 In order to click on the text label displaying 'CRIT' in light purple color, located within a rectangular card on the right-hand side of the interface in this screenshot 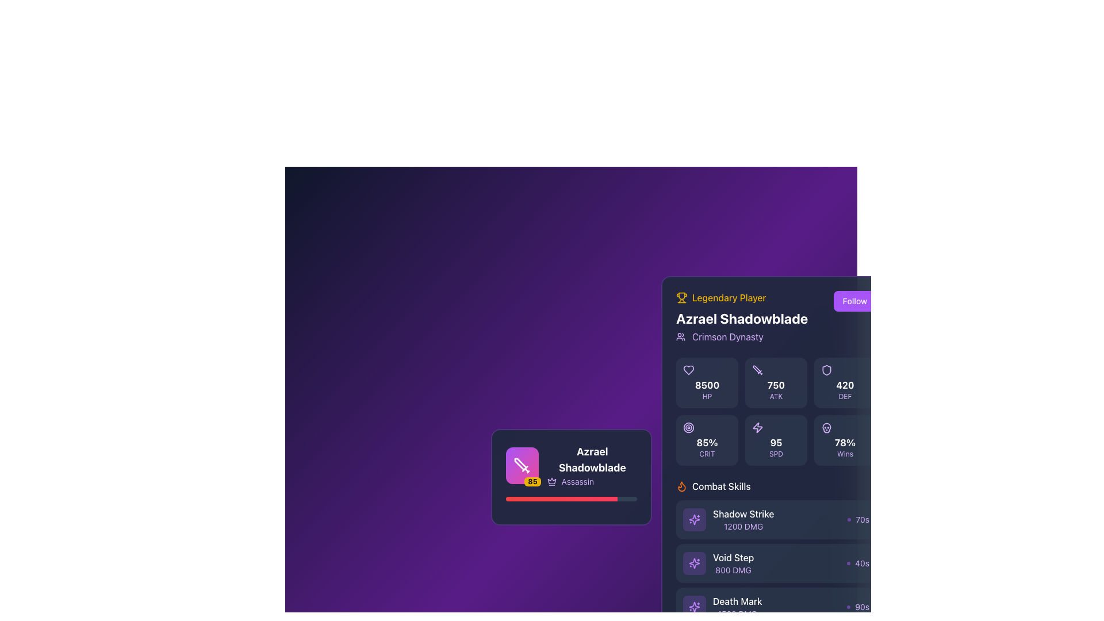, I will do `click(706, 454)`.